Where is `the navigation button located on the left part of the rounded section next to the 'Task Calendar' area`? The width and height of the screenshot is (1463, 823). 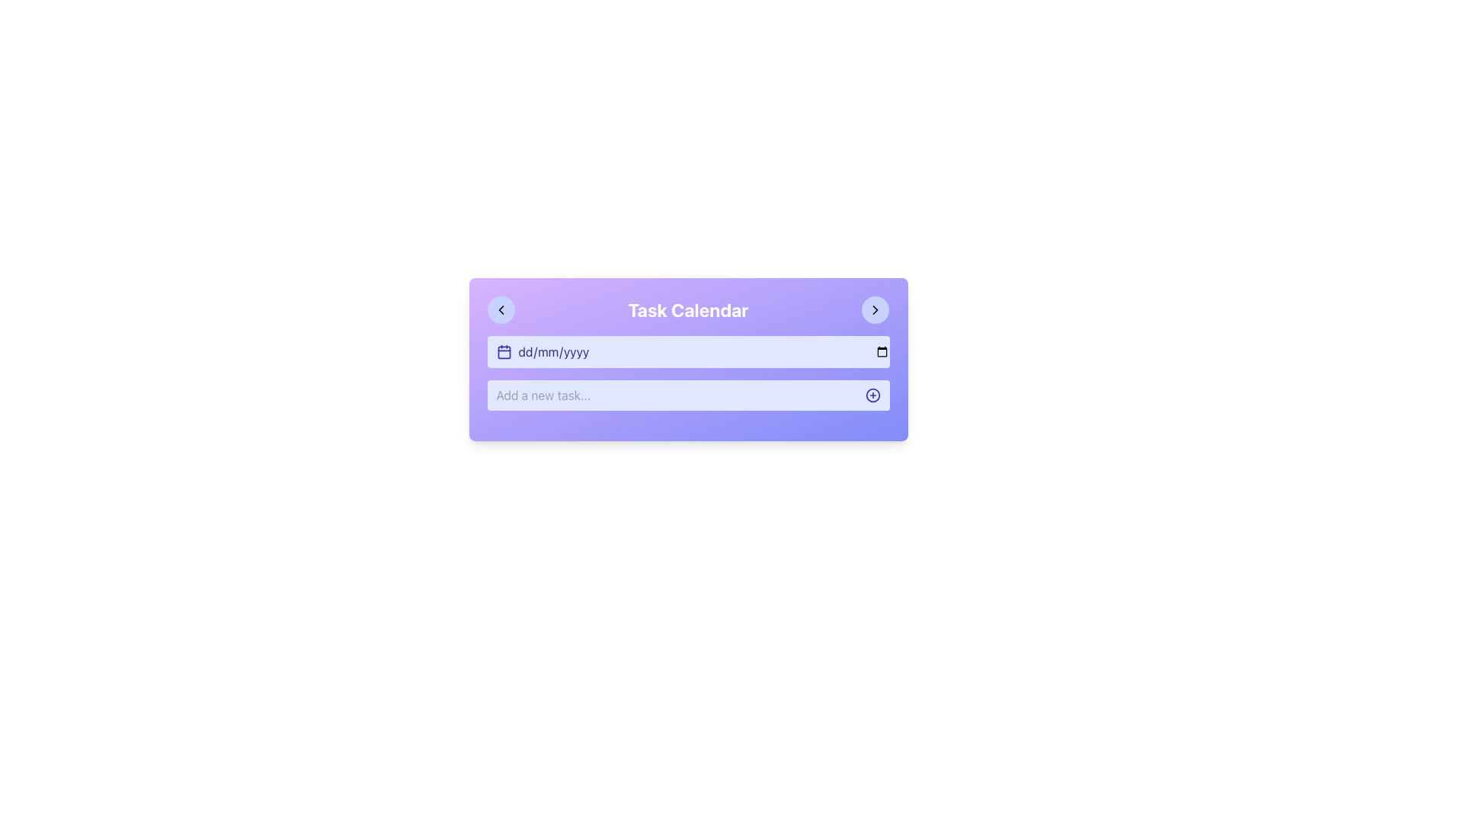
the navigation button located on the left part of the rounded section next to the 'Task Calendar' area is located at coordinates (501, 309).